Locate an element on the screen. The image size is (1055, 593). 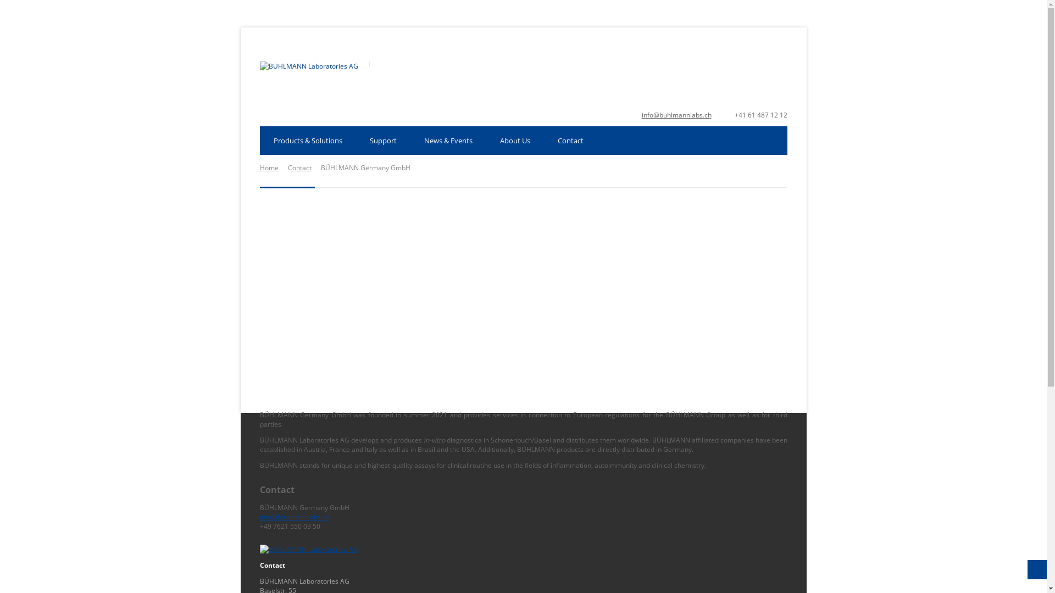
'Open Cookie Preferences' is located at coordinates (10, 579).